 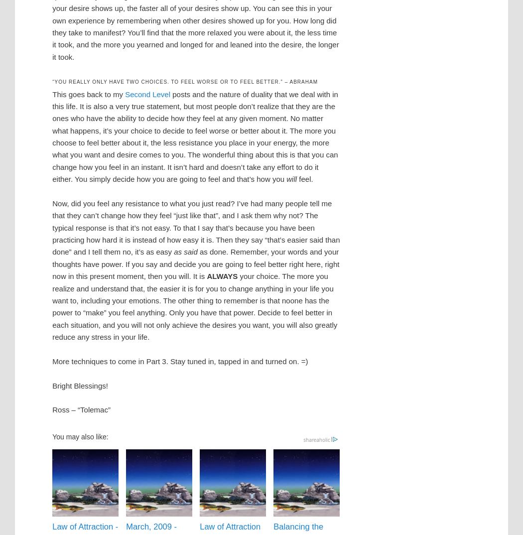 What do you see at coordinates (195, 136) in the screenshot?
I see `'posts and the nature of duality that we deal with in this life. It is also a very true statement, but most people don’t realize that they are the ones who have the ability to decide how they feel at any given moment. No matter what happens, it’s your choice to decide to feel worse or better about it. The more you choose to feel better about it, the less resistance you place in your energy, the more what you want and desire comes to you. The wonderful thing about this is that you can change how you feel in an instant. It isn’t hard and doesn’t take any effort to do it either. You simply decide how you are going to feel and that’s how you'` at bounding box center [195, 136].